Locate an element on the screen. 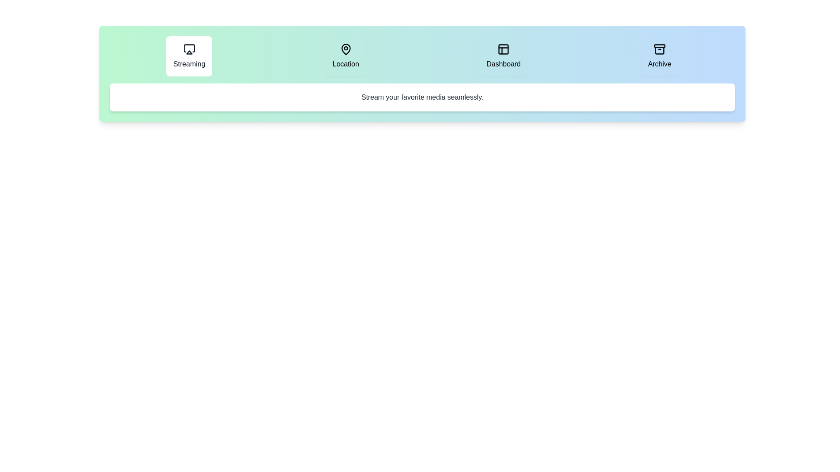  the tab labeled Archive to observe its hover effect is located at coordinates (659, 56).